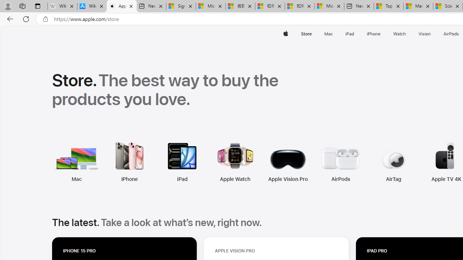 The image size is (463, 260). Describe the element at coordinates (425, 34) in the screenshot. I see `'Vision'` at that location.